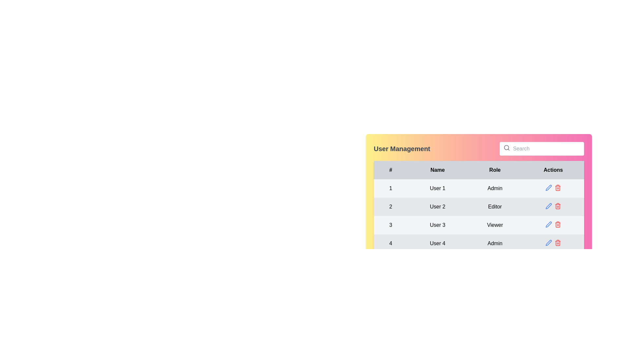 The height and width of the screenshot is (354, 629). What do you see at coordinates (557, 224) in the screenshot?
I see `the red trash can icon, which is the second icon in the actions list for 'User 3' in the user management table` at bounding box center [557, 224].